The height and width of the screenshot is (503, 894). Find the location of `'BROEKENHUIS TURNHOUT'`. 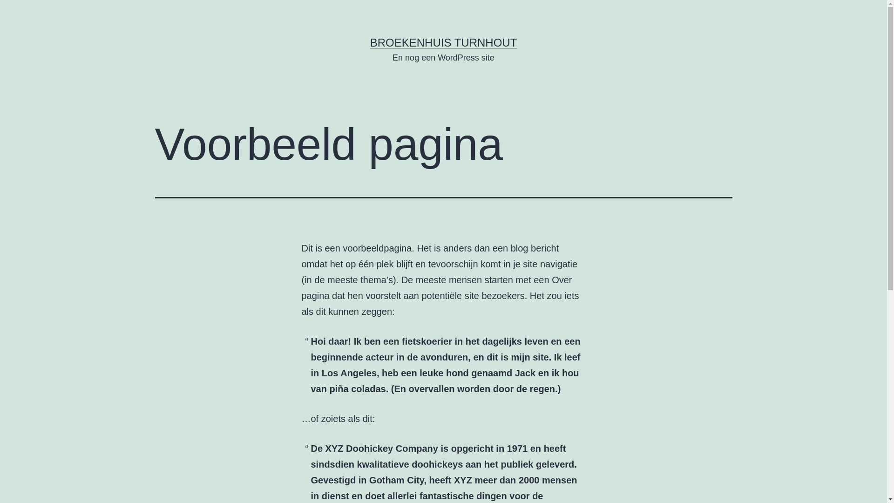

'BROEKENHUIS TURNHOUT' is located at coordinates (443, 42).